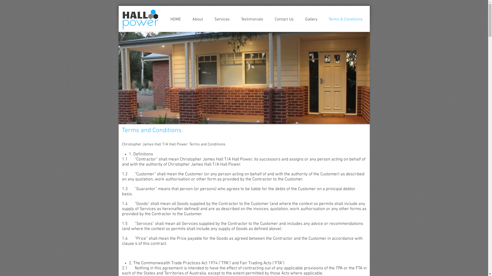 The width and height of the screenshot is (492, 276). I want to click on 'Testimonials', so click(252, 19).